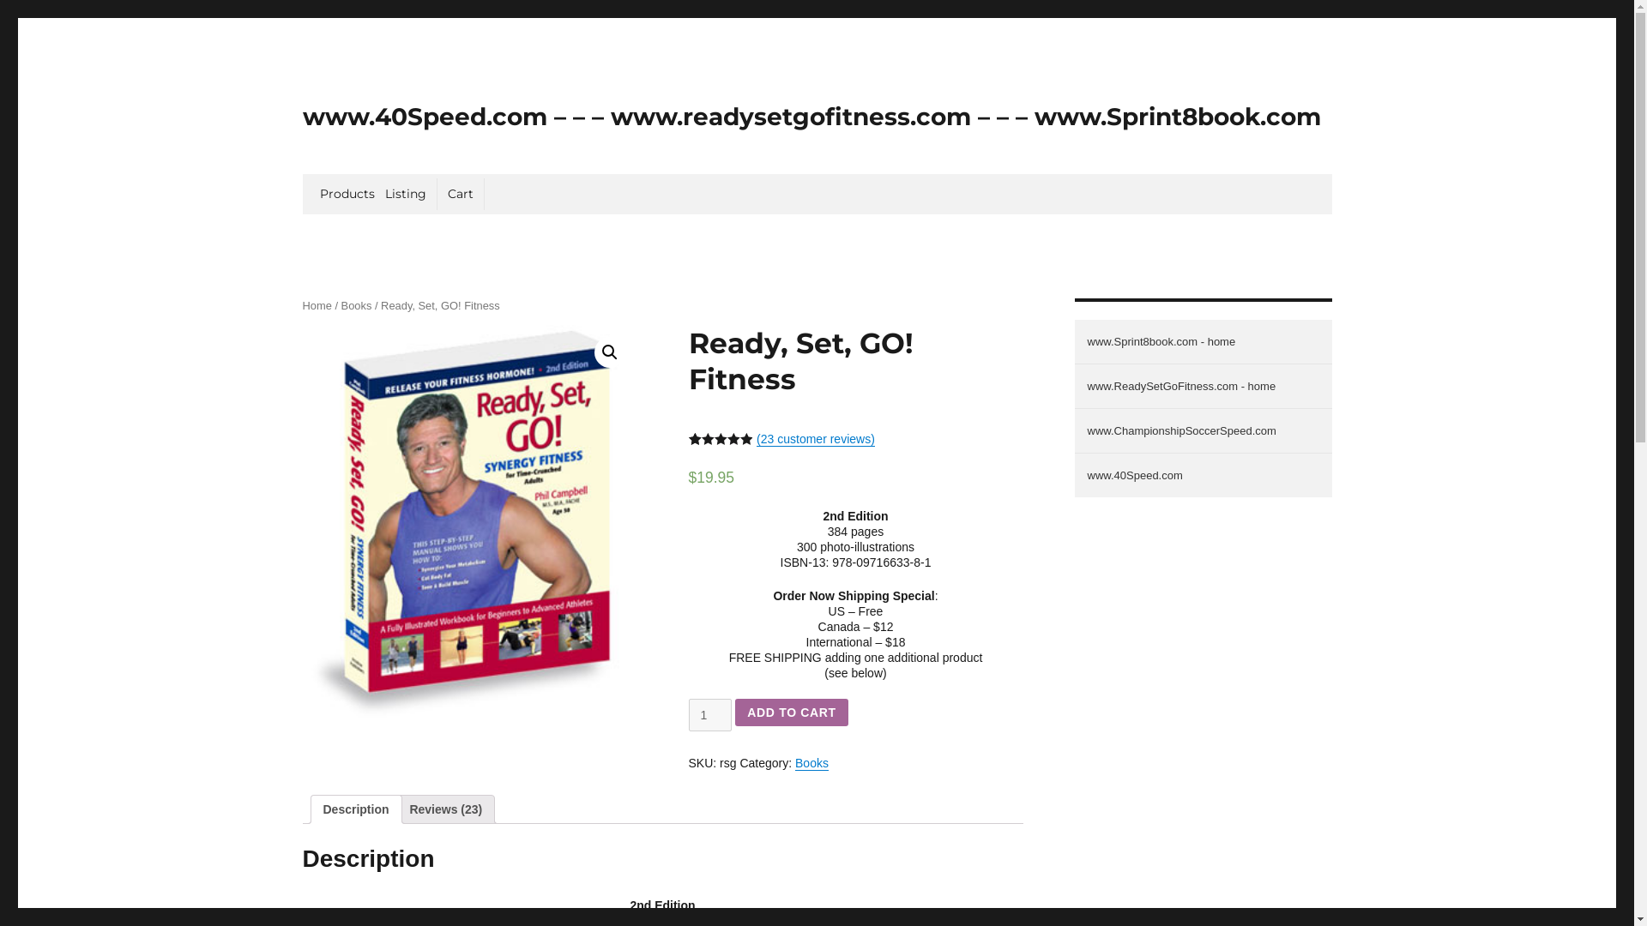 The image size is (1647, 926). I want to click on 'Description', so click(354, 809).